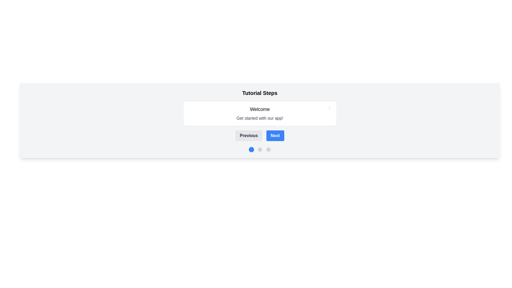 This screenshot has width=512, height=288. What do you see at coordinates (268, 149) in the screenshot?
I see `the third dot in the row of three navigational dots` at bounding box center [268, 149].